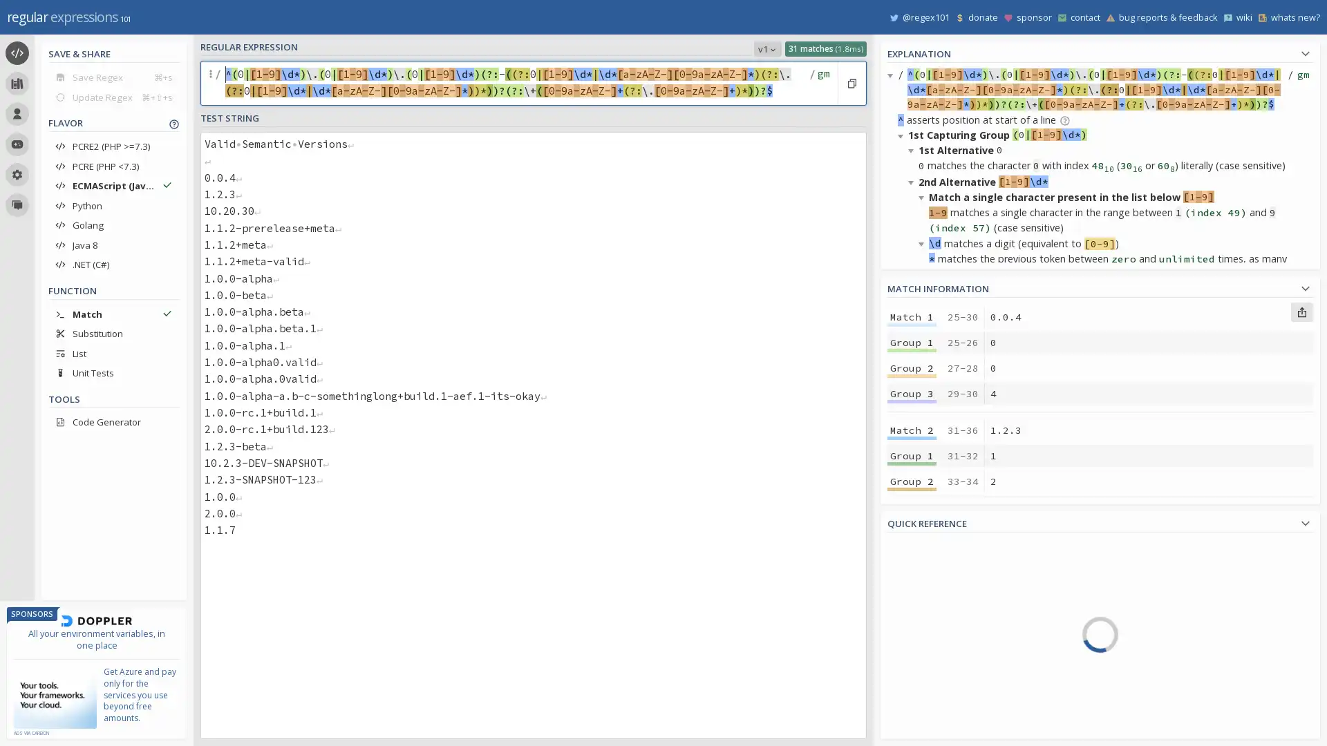 This screenshot has width=1327, height=746. I want to click on Group 1, so click(912, 455).